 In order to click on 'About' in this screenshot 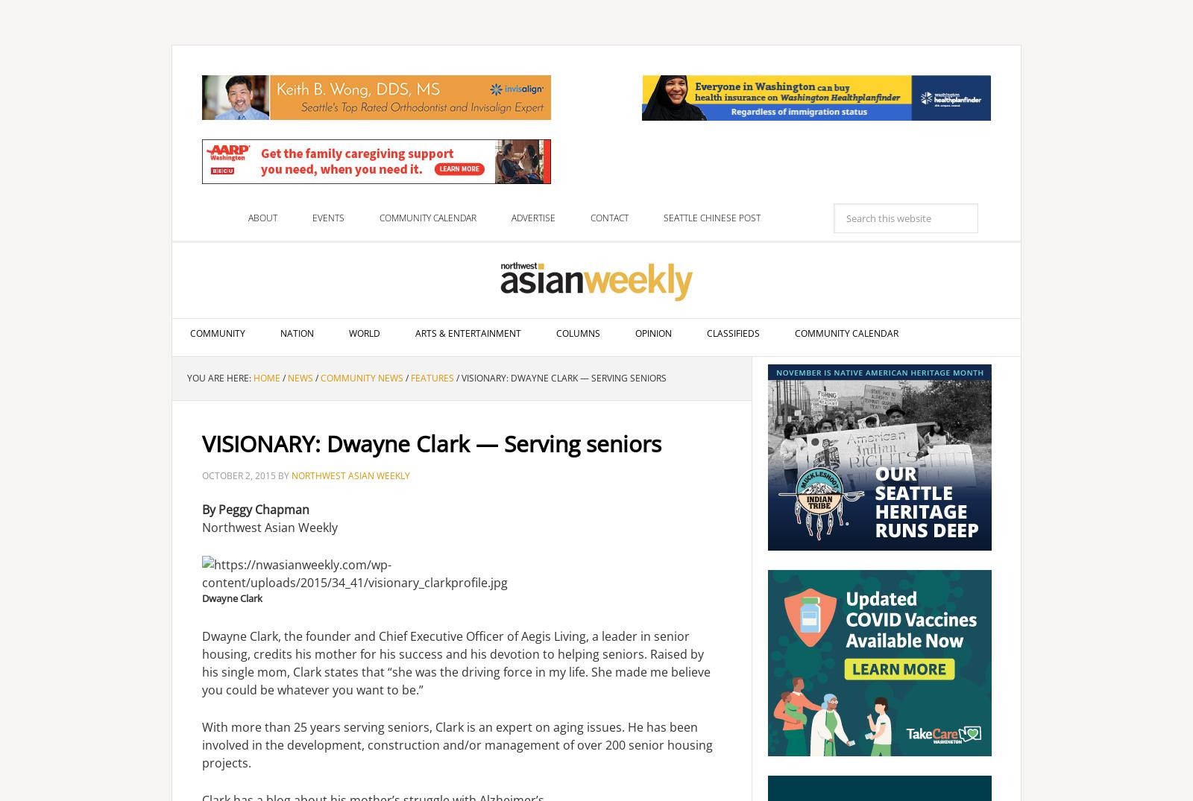, I will do `click(248, 218)`.